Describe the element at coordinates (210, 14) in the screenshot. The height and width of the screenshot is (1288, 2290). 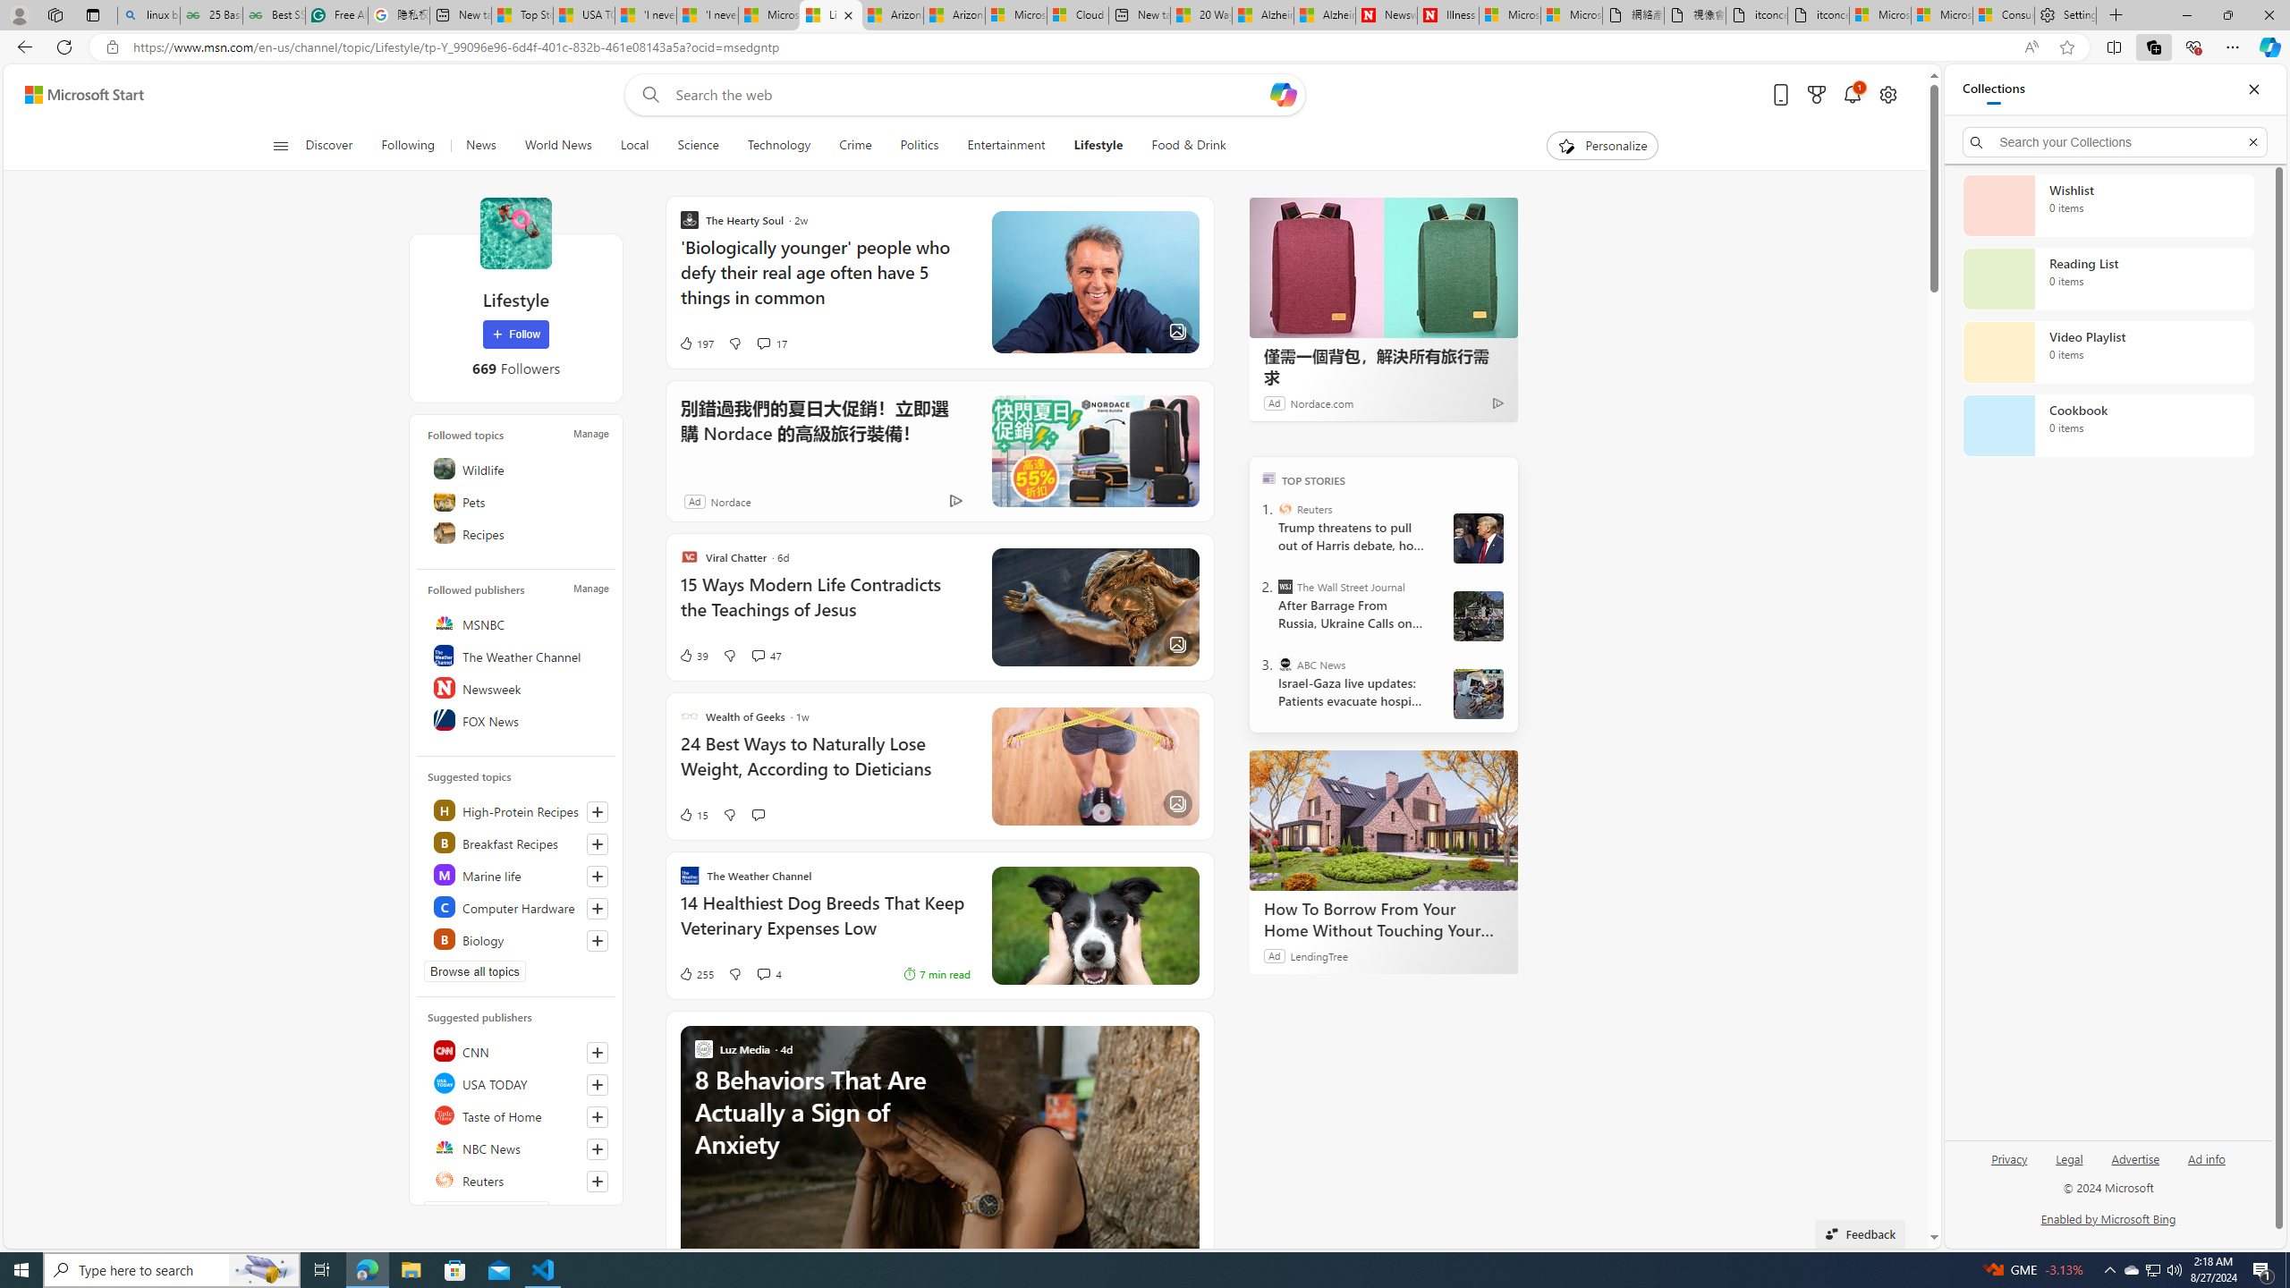
I see `'25 Basic Linux Commands For Beginners - GeeksforGeeks'` at that location.